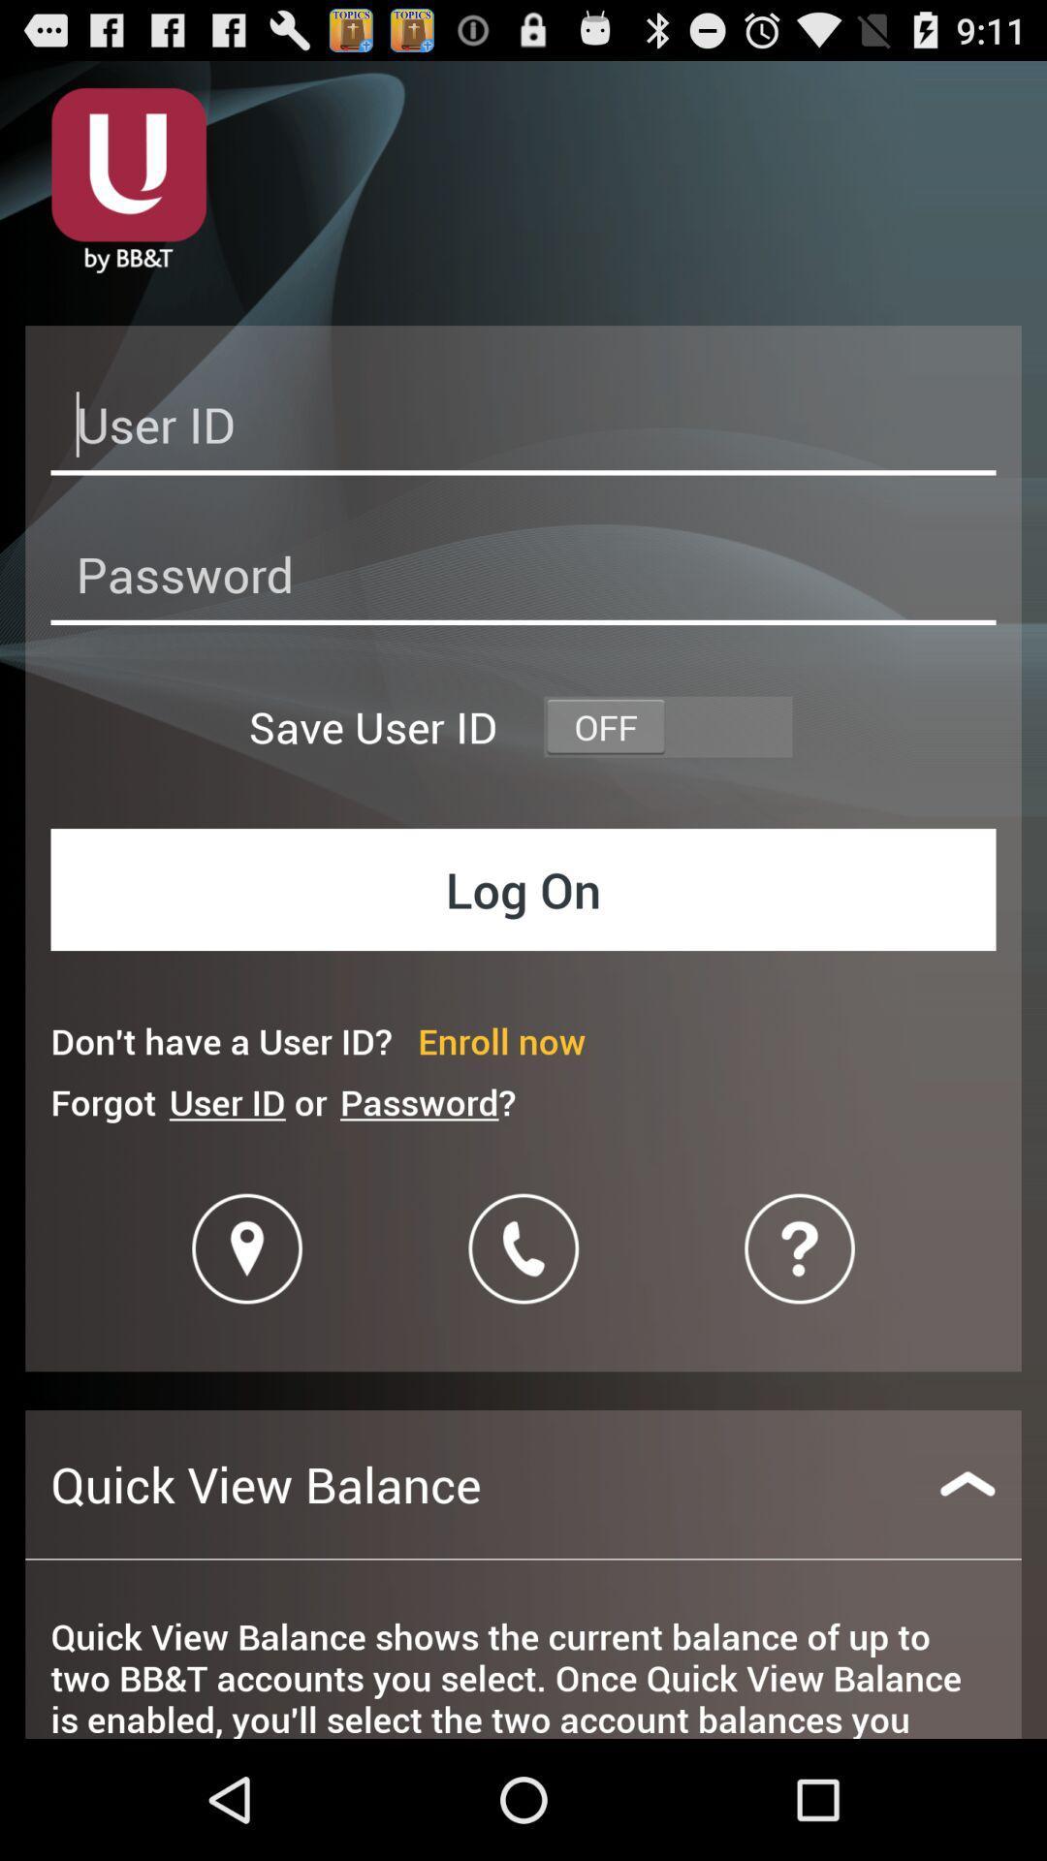 The height and width of the screenshot is (1861, 1047). Describe the element at coordinates (523, 429) in the screenshot. I see `the text box which says user id` at that location.